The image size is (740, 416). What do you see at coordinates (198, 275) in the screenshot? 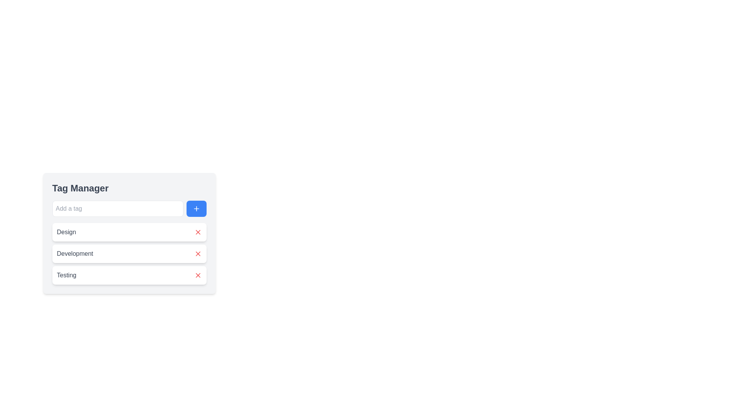
I see `the interactive delete button located at the bottom of the 'Testing' row in the 'Tag Manager' card layout to observe hover effects` at bounding box center [198, 275].